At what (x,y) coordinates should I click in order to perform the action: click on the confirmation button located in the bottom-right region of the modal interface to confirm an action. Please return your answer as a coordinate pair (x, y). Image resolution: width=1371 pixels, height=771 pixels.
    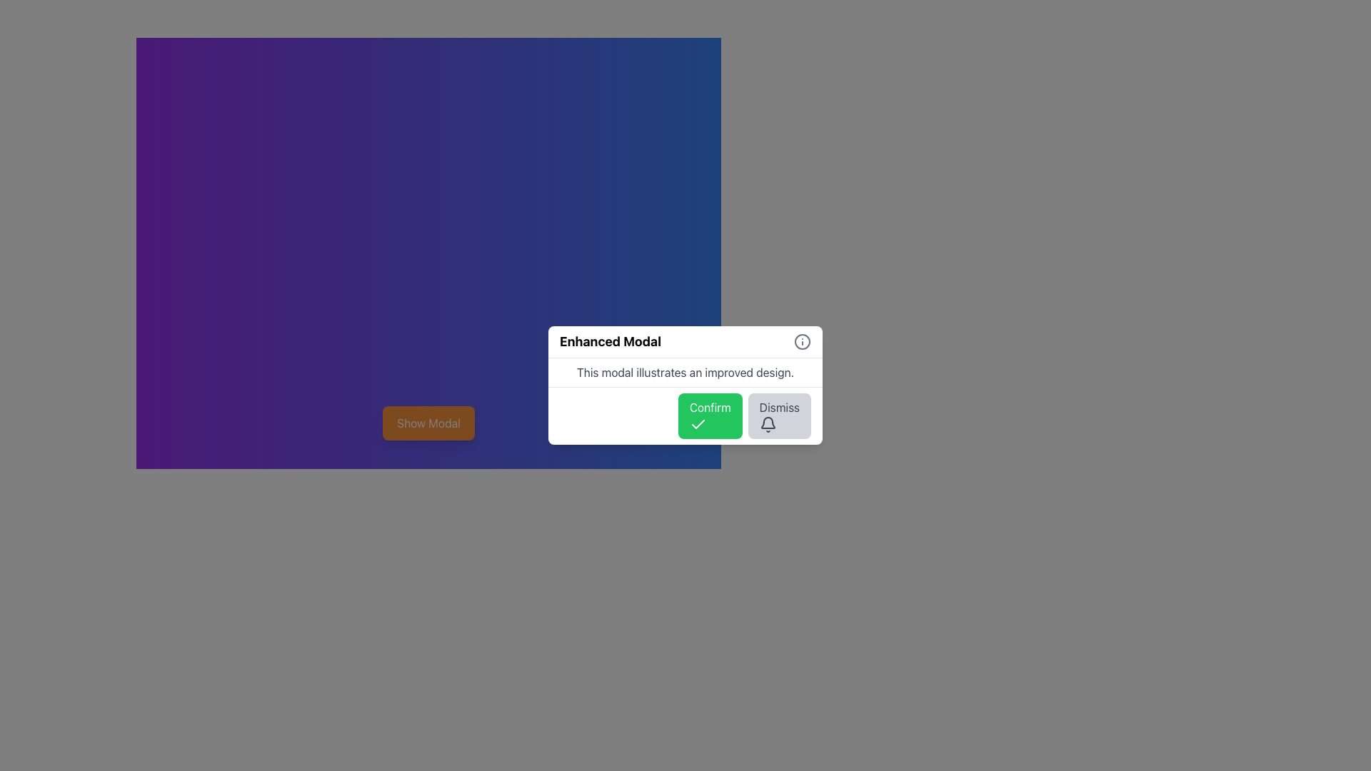
    Looking at the image, I should click on (710, 415).